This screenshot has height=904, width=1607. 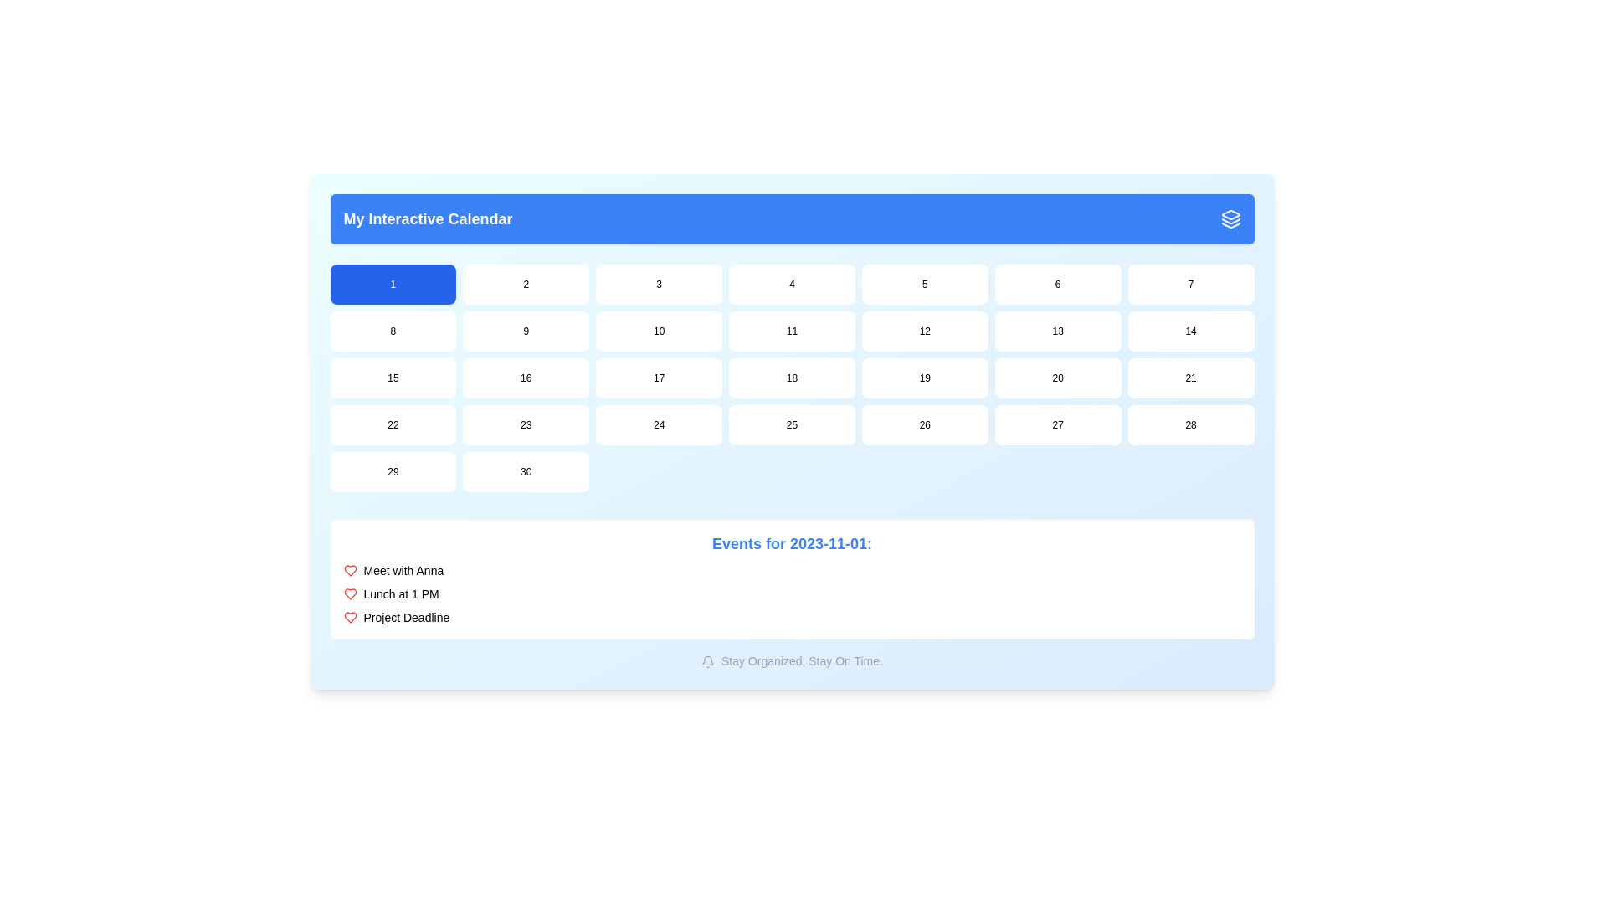 I want to click on the button representing the date '3' in the calendar interface, so click(x=658, y=283).